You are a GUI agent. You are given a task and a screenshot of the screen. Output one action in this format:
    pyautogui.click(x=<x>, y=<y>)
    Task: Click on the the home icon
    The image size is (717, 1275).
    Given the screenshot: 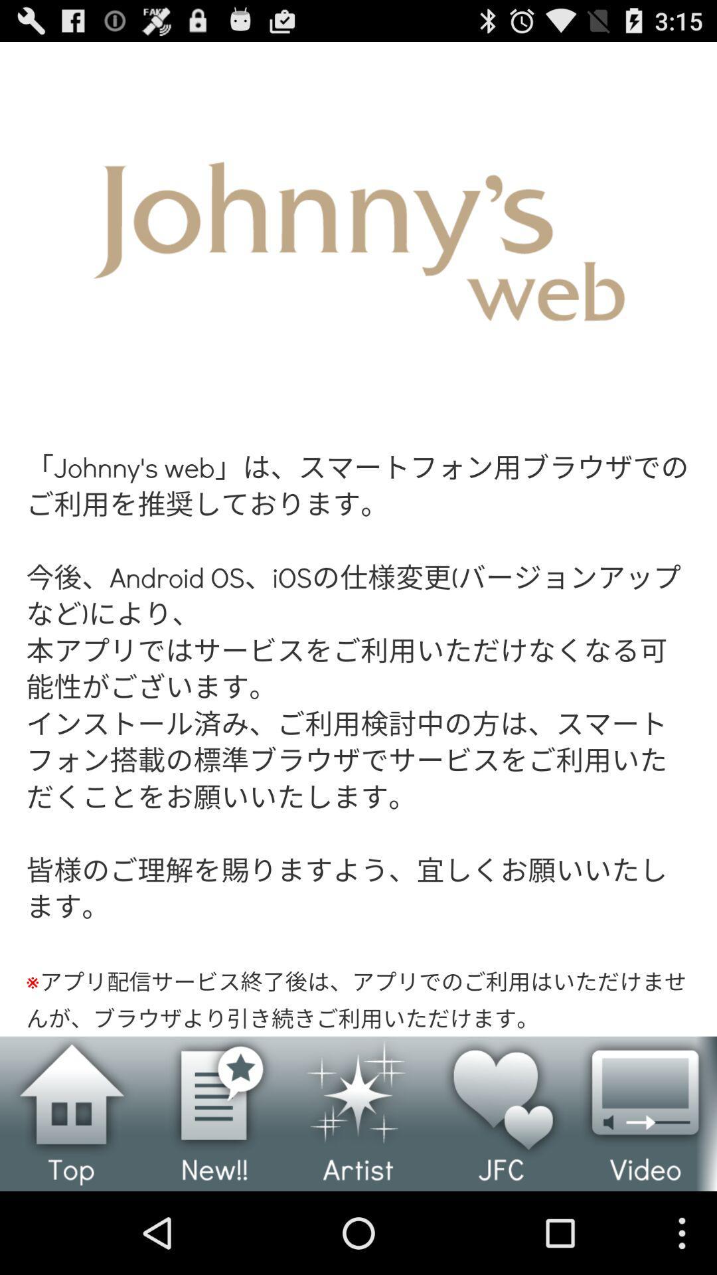 What is the action you would take?
    pyautogui.click(x=72, y=1192)
    